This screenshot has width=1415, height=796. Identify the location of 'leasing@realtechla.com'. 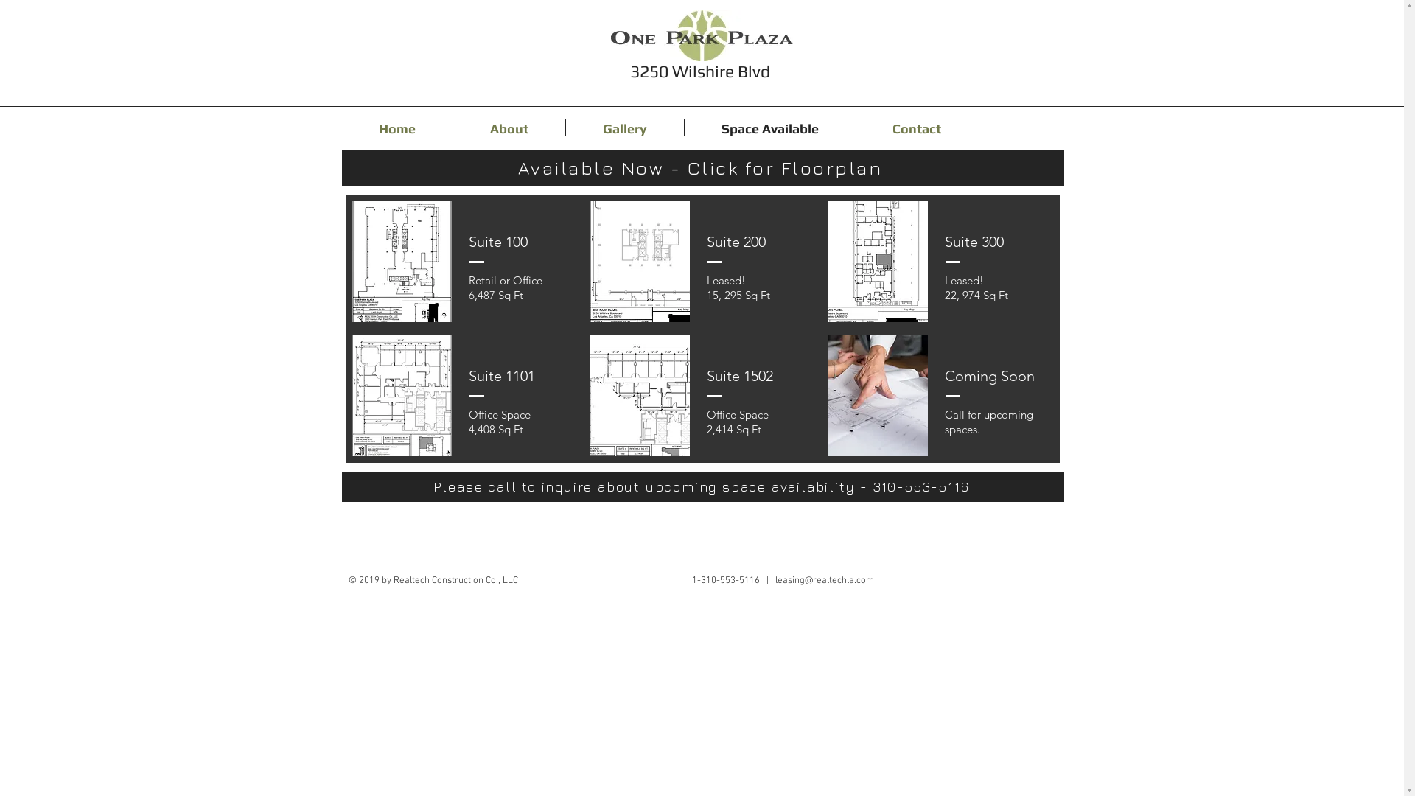
(823, 579).